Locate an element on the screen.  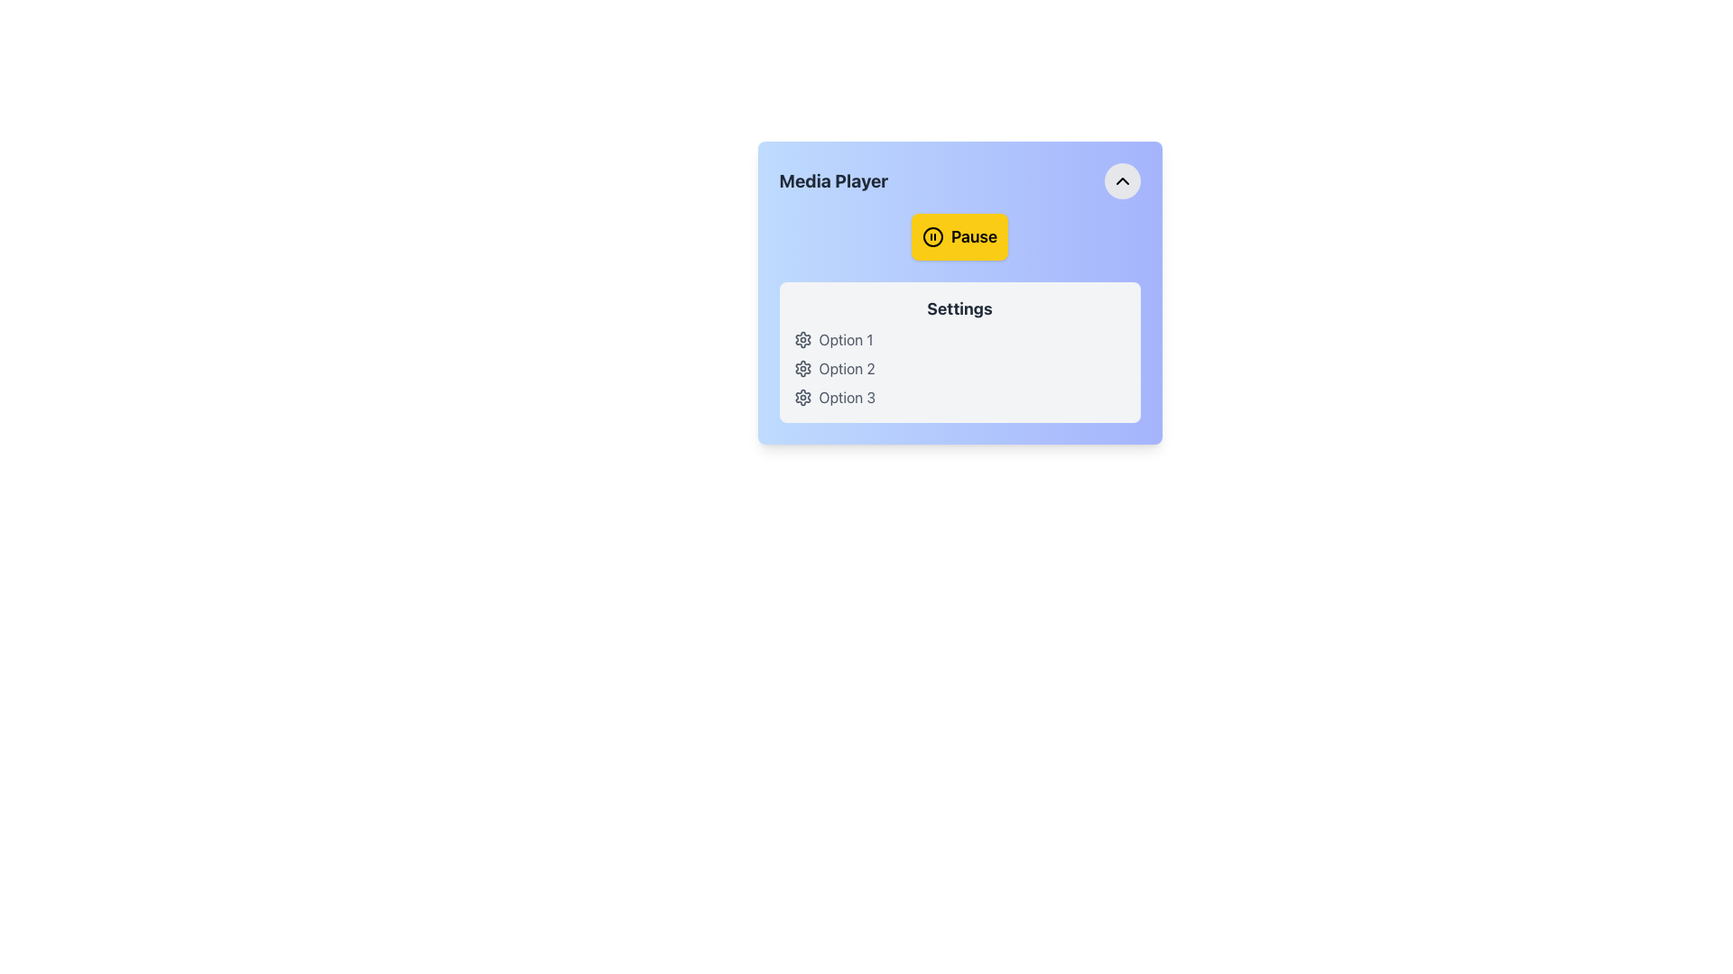
the circular outline decoration that serves as a decorative boundary for the visual pause icon, enhancing the button's visual hierarchy is located at coordinates (932, 235).